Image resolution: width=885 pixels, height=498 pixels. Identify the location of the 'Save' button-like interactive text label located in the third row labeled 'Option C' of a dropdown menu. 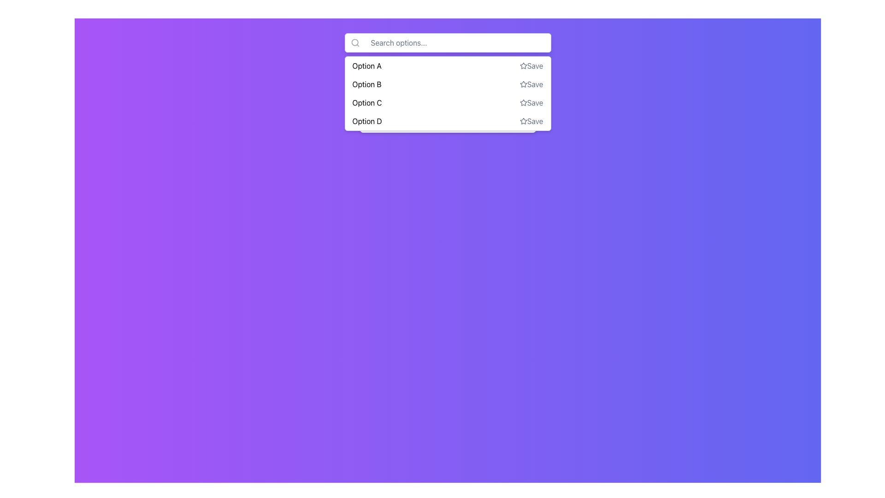
(531, 103).